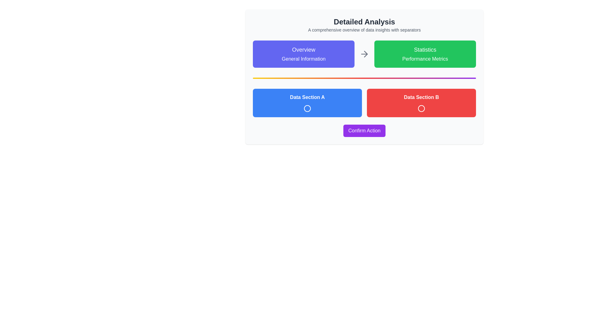 This screenshot has height=334, width=595. I want to click on the circular icon centered in the 'Data Section A' rectangle, positioned towards the lower section, so click(307, 108).